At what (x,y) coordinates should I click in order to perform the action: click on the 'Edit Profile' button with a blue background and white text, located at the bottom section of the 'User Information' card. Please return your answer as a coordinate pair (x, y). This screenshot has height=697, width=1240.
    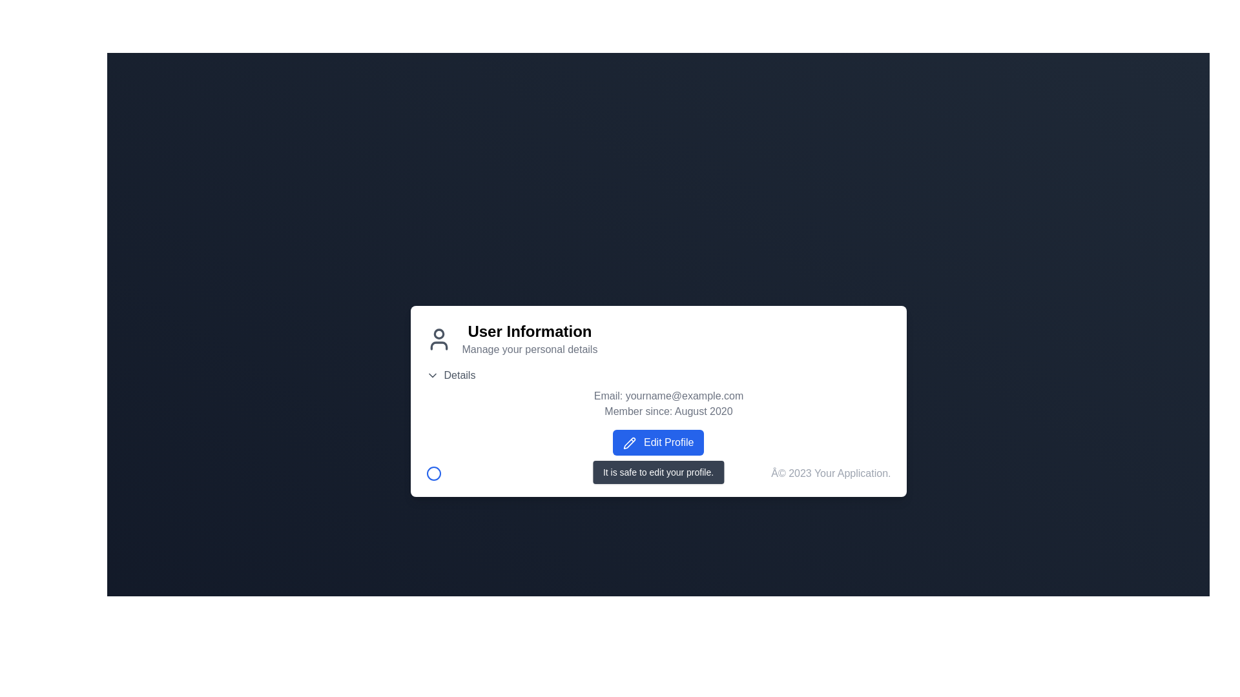
    Looking at the image, I should click on (658, 442).